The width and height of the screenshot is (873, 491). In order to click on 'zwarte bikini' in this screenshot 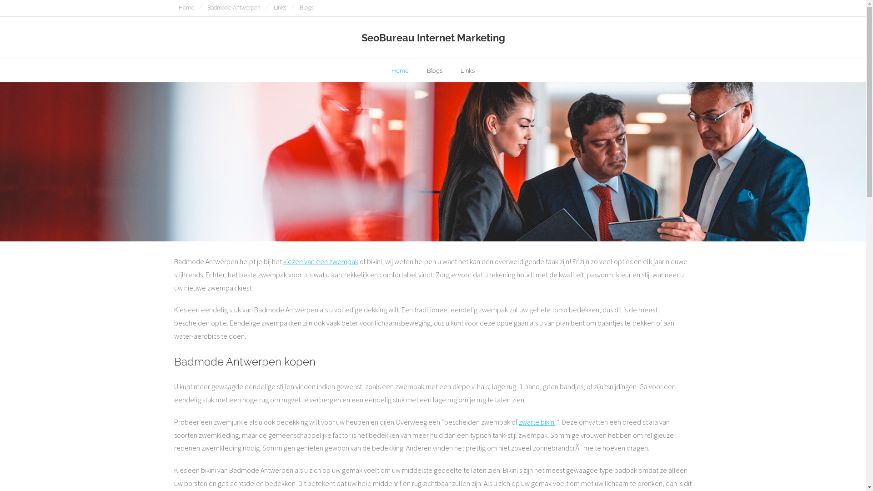, I will do `click(537, 422)`.